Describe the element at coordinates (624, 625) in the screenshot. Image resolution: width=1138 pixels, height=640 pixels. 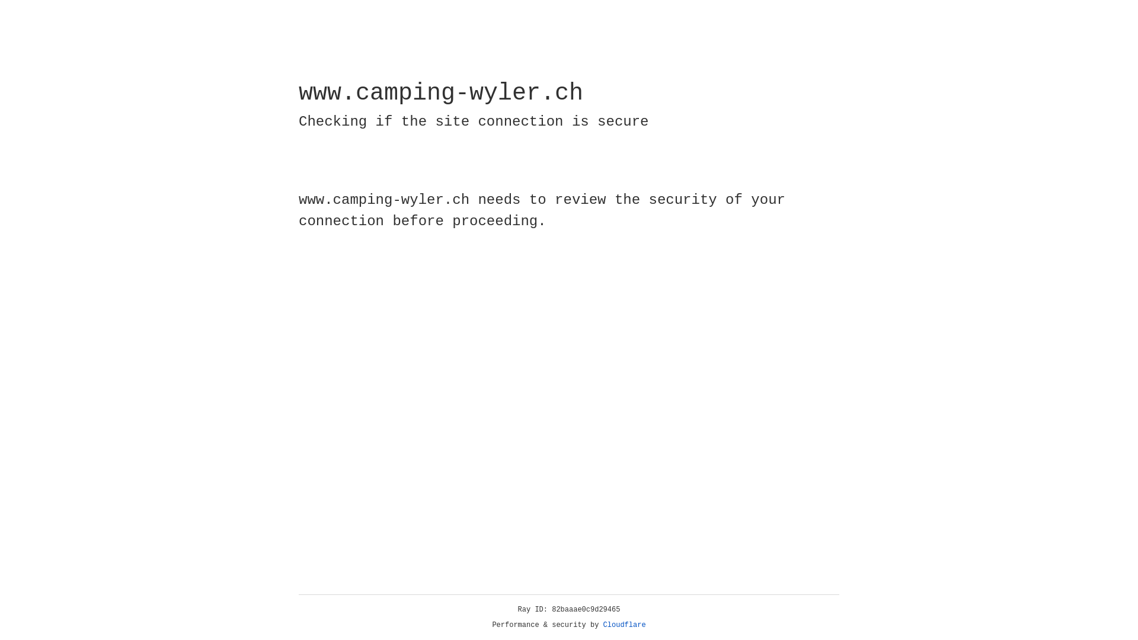
I see `'Cloudflare'` at that location.